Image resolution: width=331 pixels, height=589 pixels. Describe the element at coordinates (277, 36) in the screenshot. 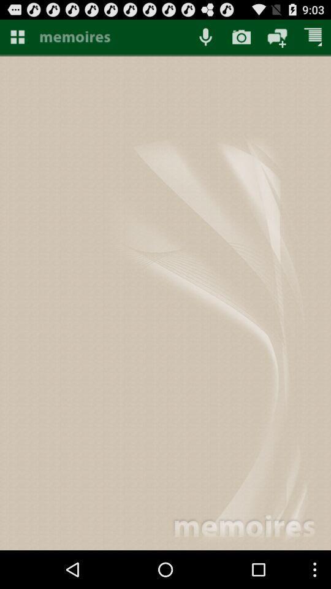

I see `share photo` at that location.